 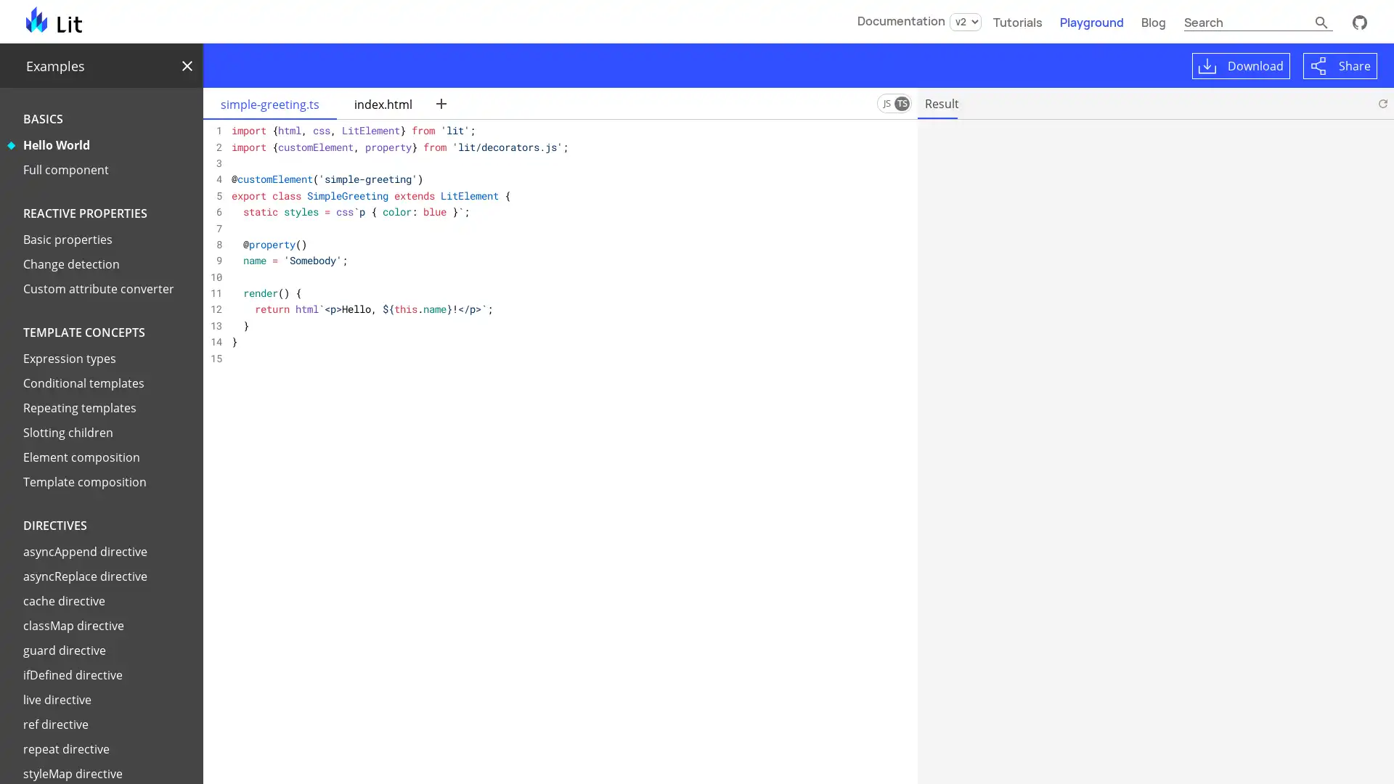 I want to click on Share, so click(x=1338, y=64).